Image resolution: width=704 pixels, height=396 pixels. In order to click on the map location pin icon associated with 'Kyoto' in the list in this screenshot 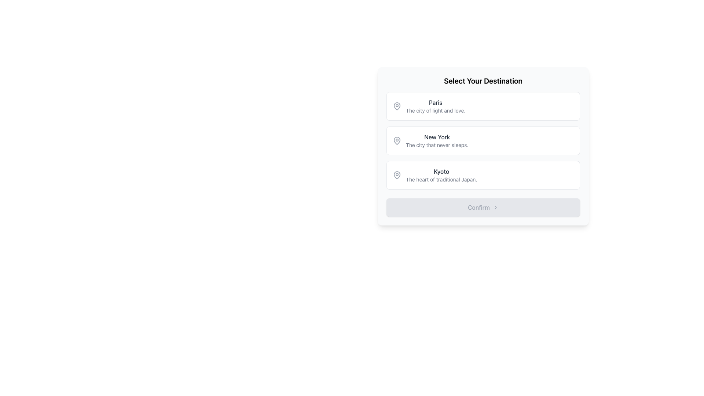, I will do `click(397, 175)`.